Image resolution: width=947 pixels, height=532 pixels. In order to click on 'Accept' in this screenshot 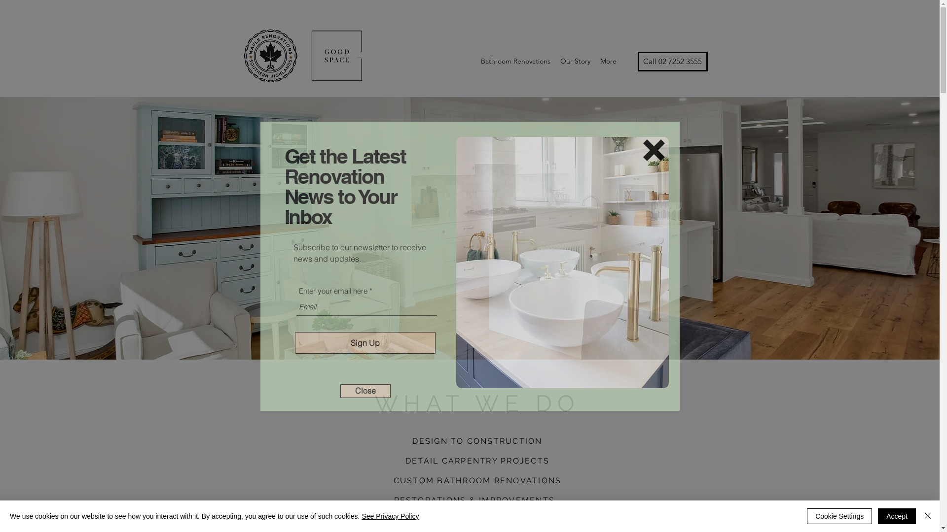, I will do `click(897, 516)`.